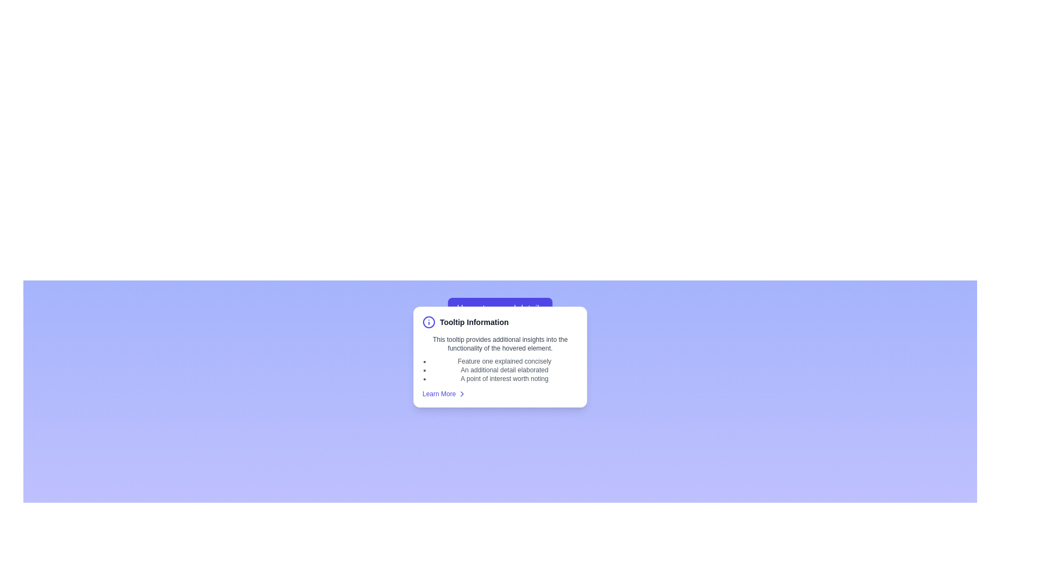 The height and width of the screenshot is (587, 1044). What do you see at coordinates (428, 322) in the screenshot?
I see `the informational icon (SVG) located to the left of the 'Tooltip Information' text within the tooltip interface` at bounding box center [428, 322].